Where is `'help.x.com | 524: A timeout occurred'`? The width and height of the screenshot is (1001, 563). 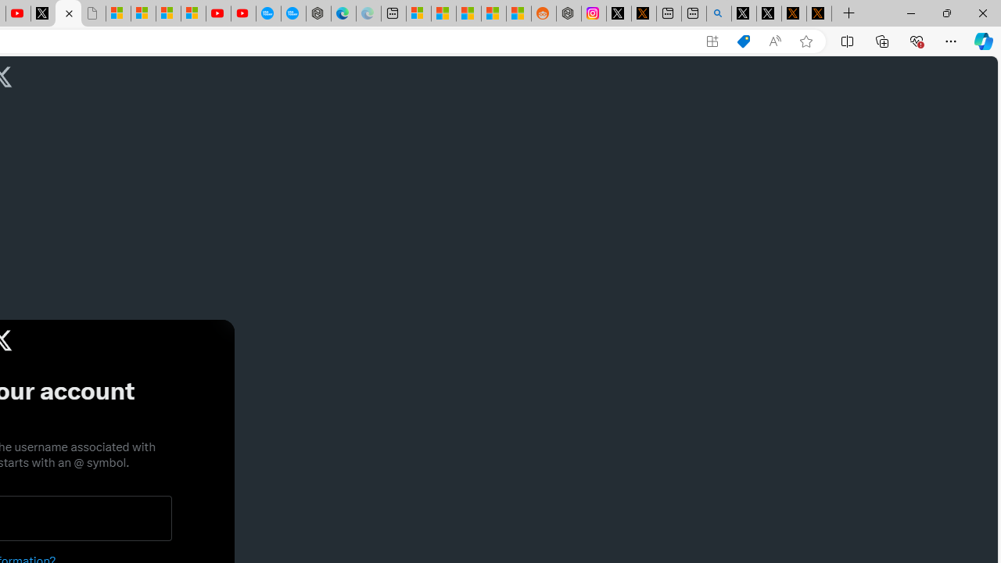
'help.x.com | 524: A timeout occurred' is located at coordinates (644, 13).